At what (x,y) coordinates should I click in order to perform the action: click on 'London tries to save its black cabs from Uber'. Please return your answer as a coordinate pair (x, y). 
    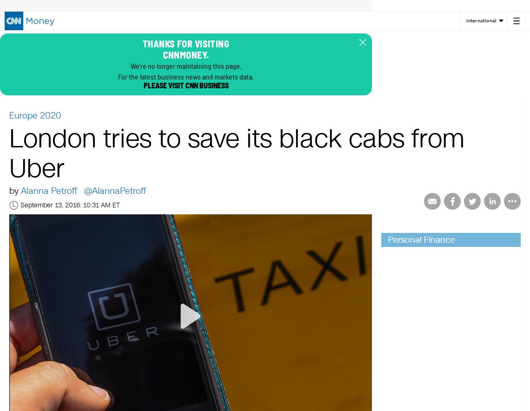
    Looking at the image, I should click on (236, 154).